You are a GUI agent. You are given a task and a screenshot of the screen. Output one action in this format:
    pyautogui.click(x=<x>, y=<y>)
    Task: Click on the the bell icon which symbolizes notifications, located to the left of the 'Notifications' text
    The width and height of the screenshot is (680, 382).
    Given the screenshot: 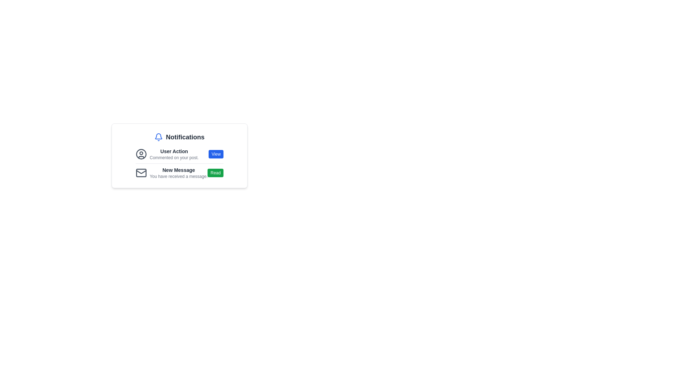 What is the action you would take?
    pyautogui.click(x=158, y=137)
    